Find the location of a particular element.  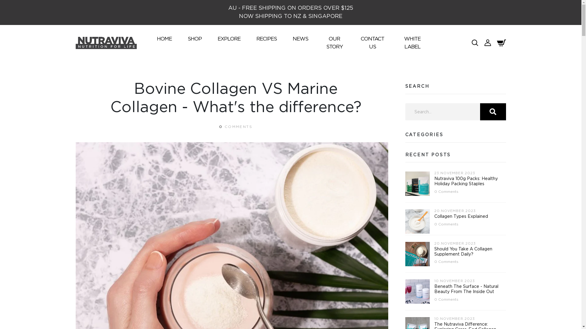

'Beneath The Surface - Natural Beauty From The Inside Out' is located at coordinates (465, 289).